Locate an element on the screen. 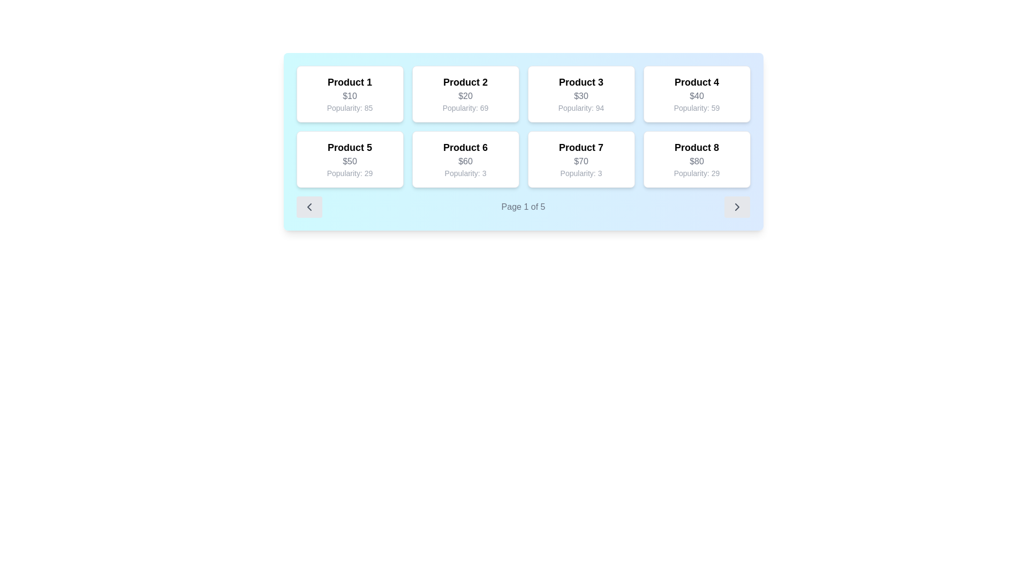 This screenshot has width=1028, height=578. the text label displaying the price '$40', which is styled in gray, to potentially reveal a tooltip is located at coordinates (697, 96).